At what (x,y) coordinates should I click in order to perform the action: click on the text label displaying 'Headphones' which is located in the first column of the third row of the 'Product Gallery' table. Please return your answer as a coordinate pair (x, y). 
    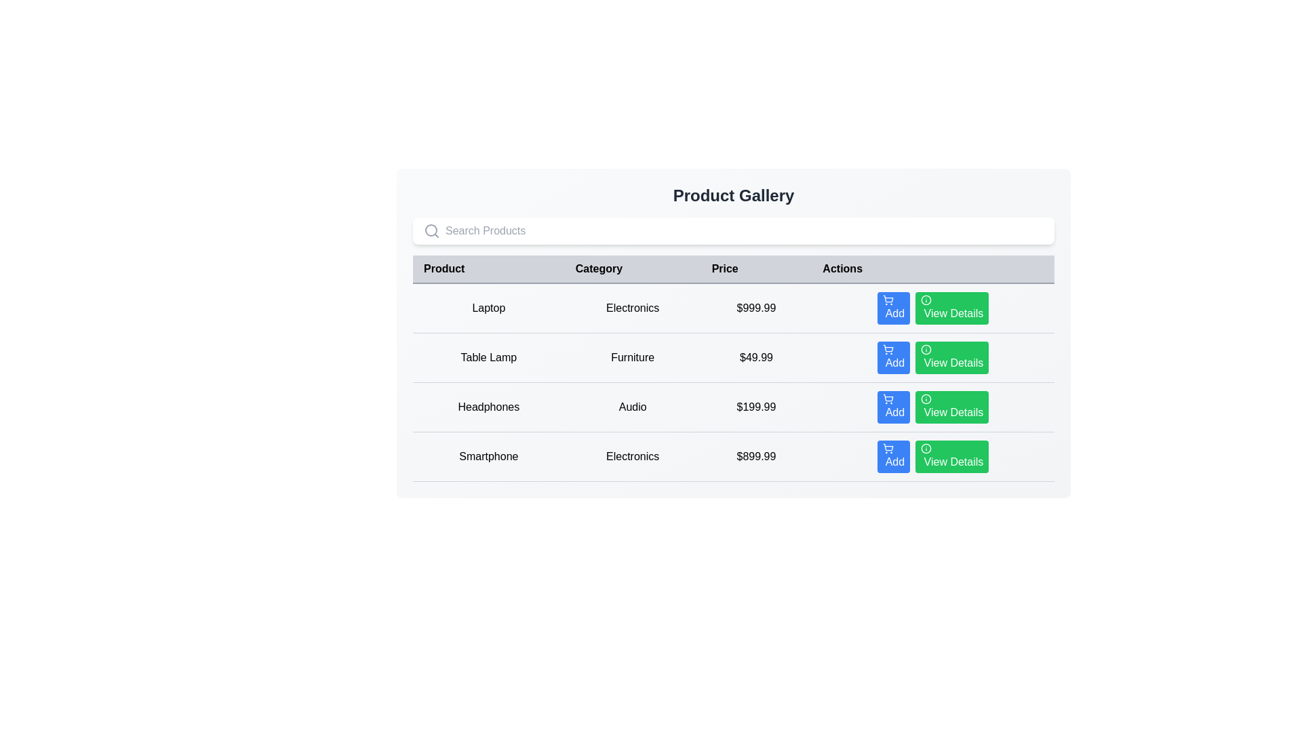
    Looking at the image, I should click on (488, 407).